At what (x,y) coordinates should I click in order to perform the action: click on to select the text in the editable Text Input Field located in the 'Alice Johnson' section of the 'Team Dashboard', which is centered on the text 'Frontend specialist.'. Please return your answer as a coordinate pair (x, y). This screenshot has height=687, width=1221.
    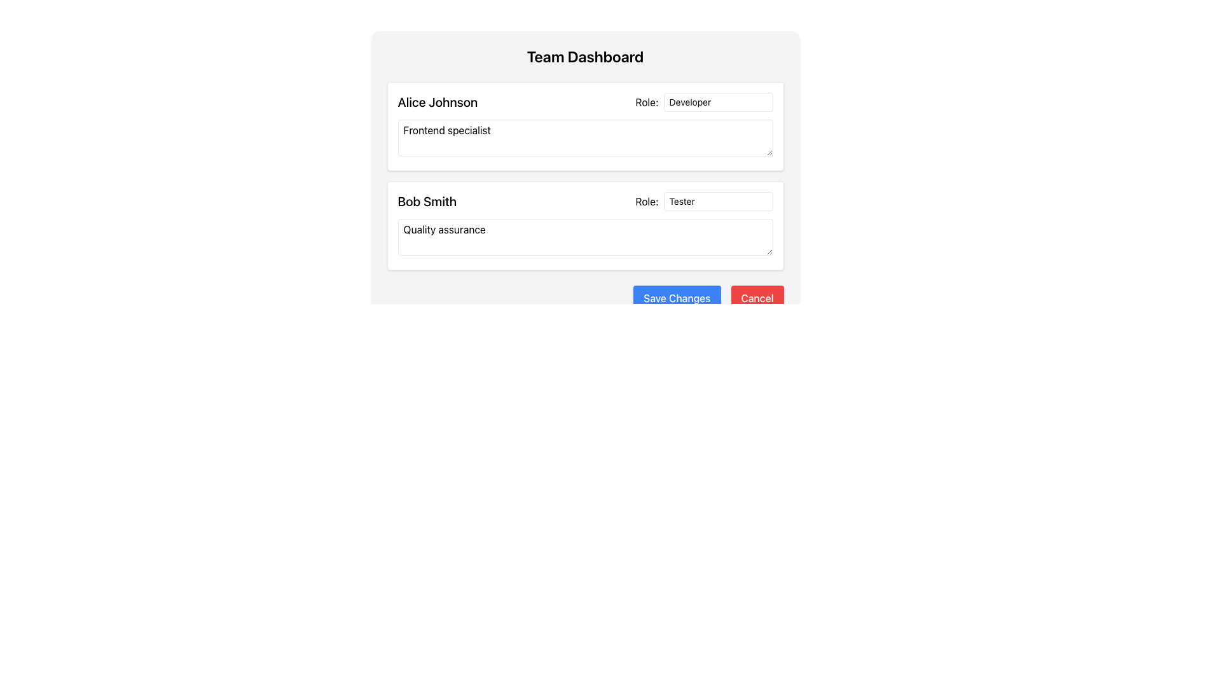
    Looking at the image, I should click on (584, 137).